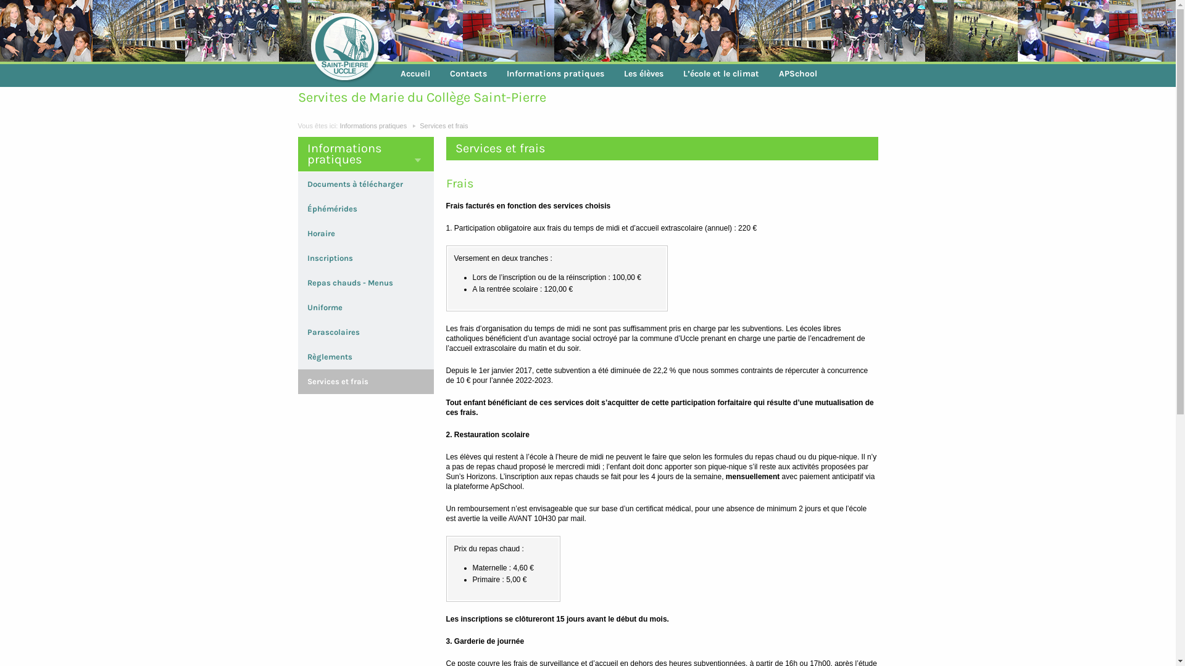 The image size is (1185, 666). What do you see at coordinates (467, 73) in the screenshot?
I see `'Contacts'` at bounding box center [467, 73].